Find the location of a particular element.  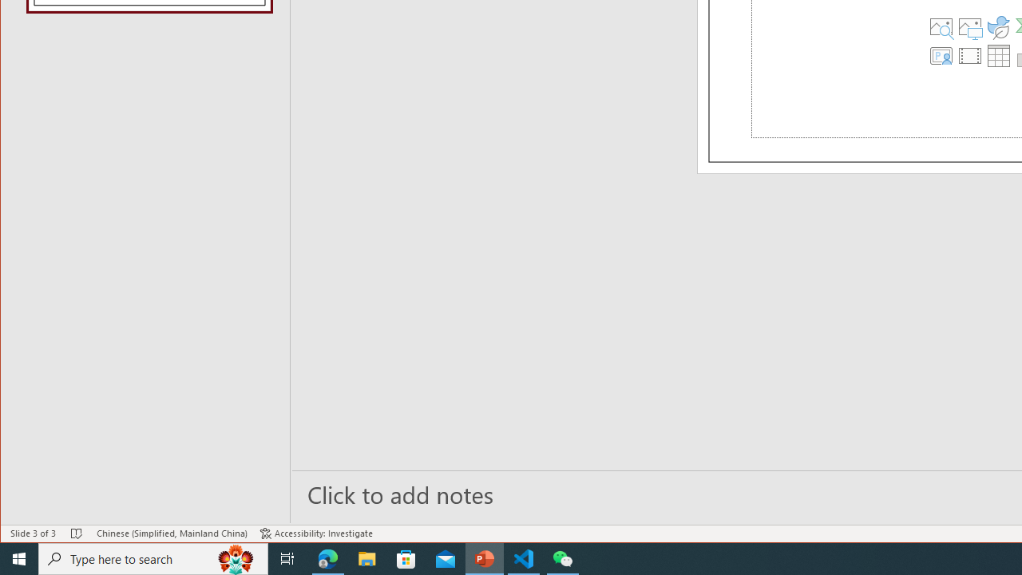

'Insert Table' is located at coordinates (998, 54).